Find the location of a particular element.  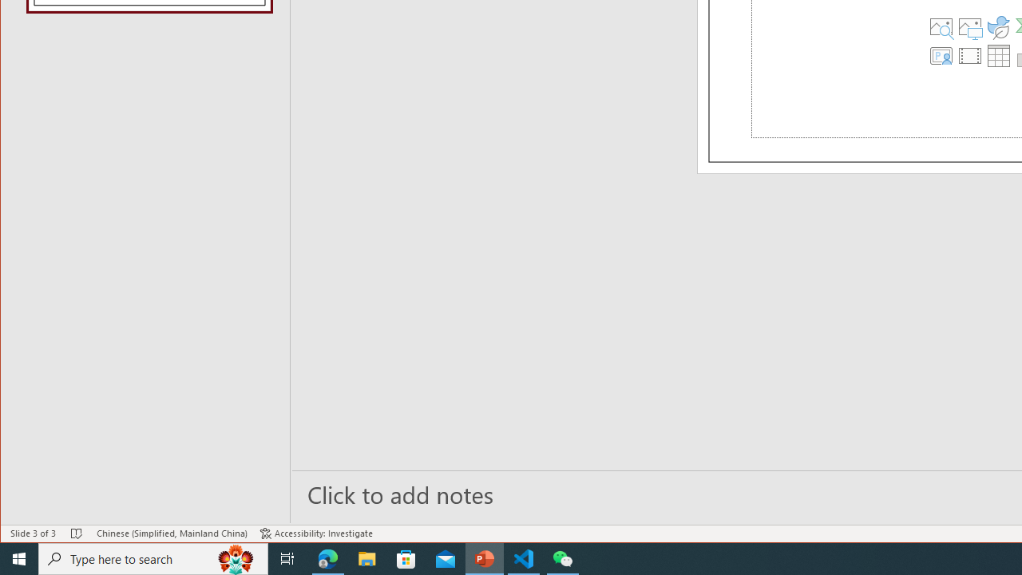

'Insert Table' is located at coordinates (998, 54).